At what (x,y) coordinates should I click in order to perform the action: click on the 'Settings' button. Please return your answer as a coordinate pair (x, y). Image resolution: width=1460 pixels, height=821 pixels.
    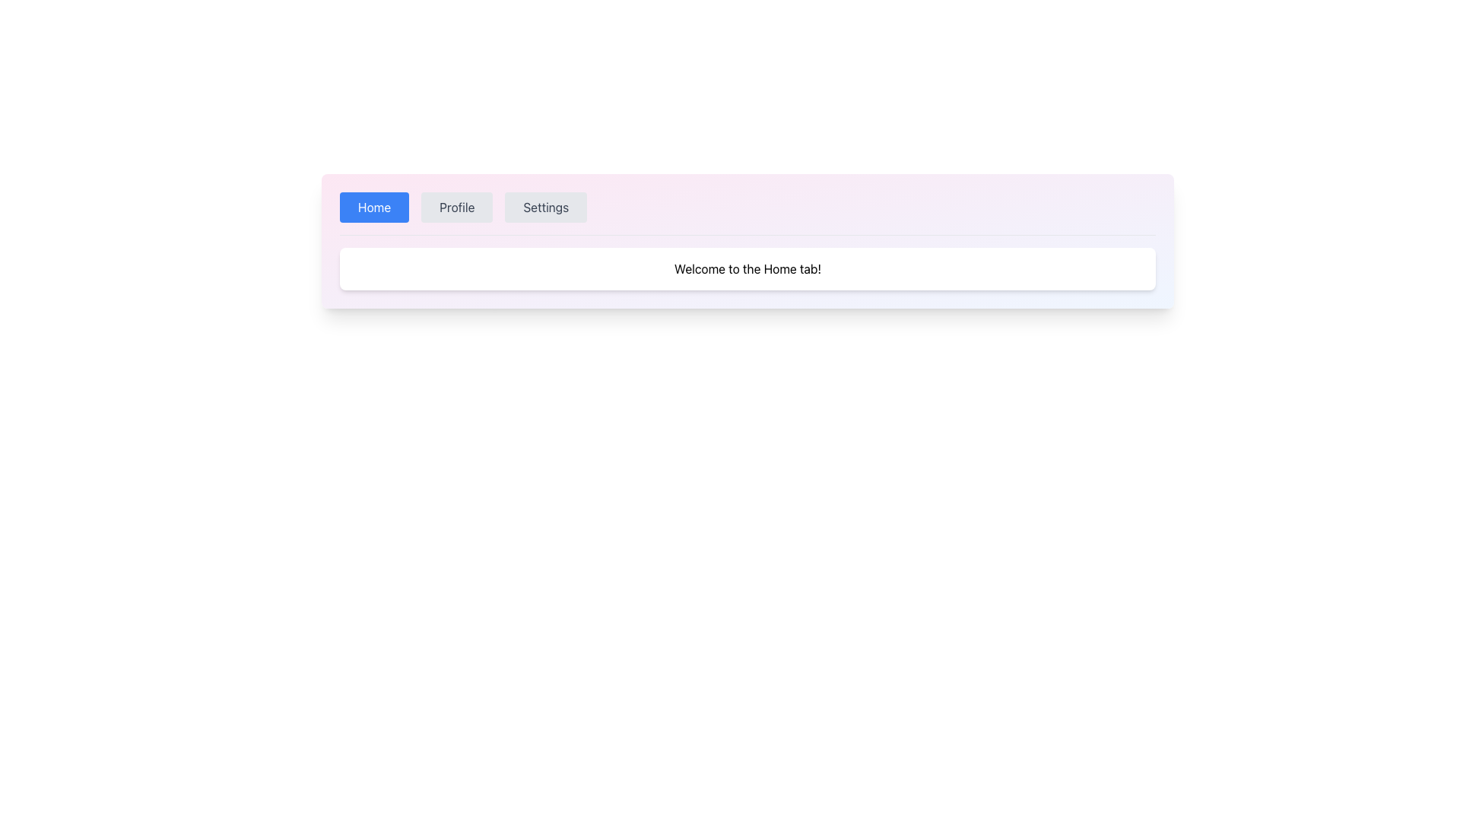
    Looking at the image, I should click on (546, 208).